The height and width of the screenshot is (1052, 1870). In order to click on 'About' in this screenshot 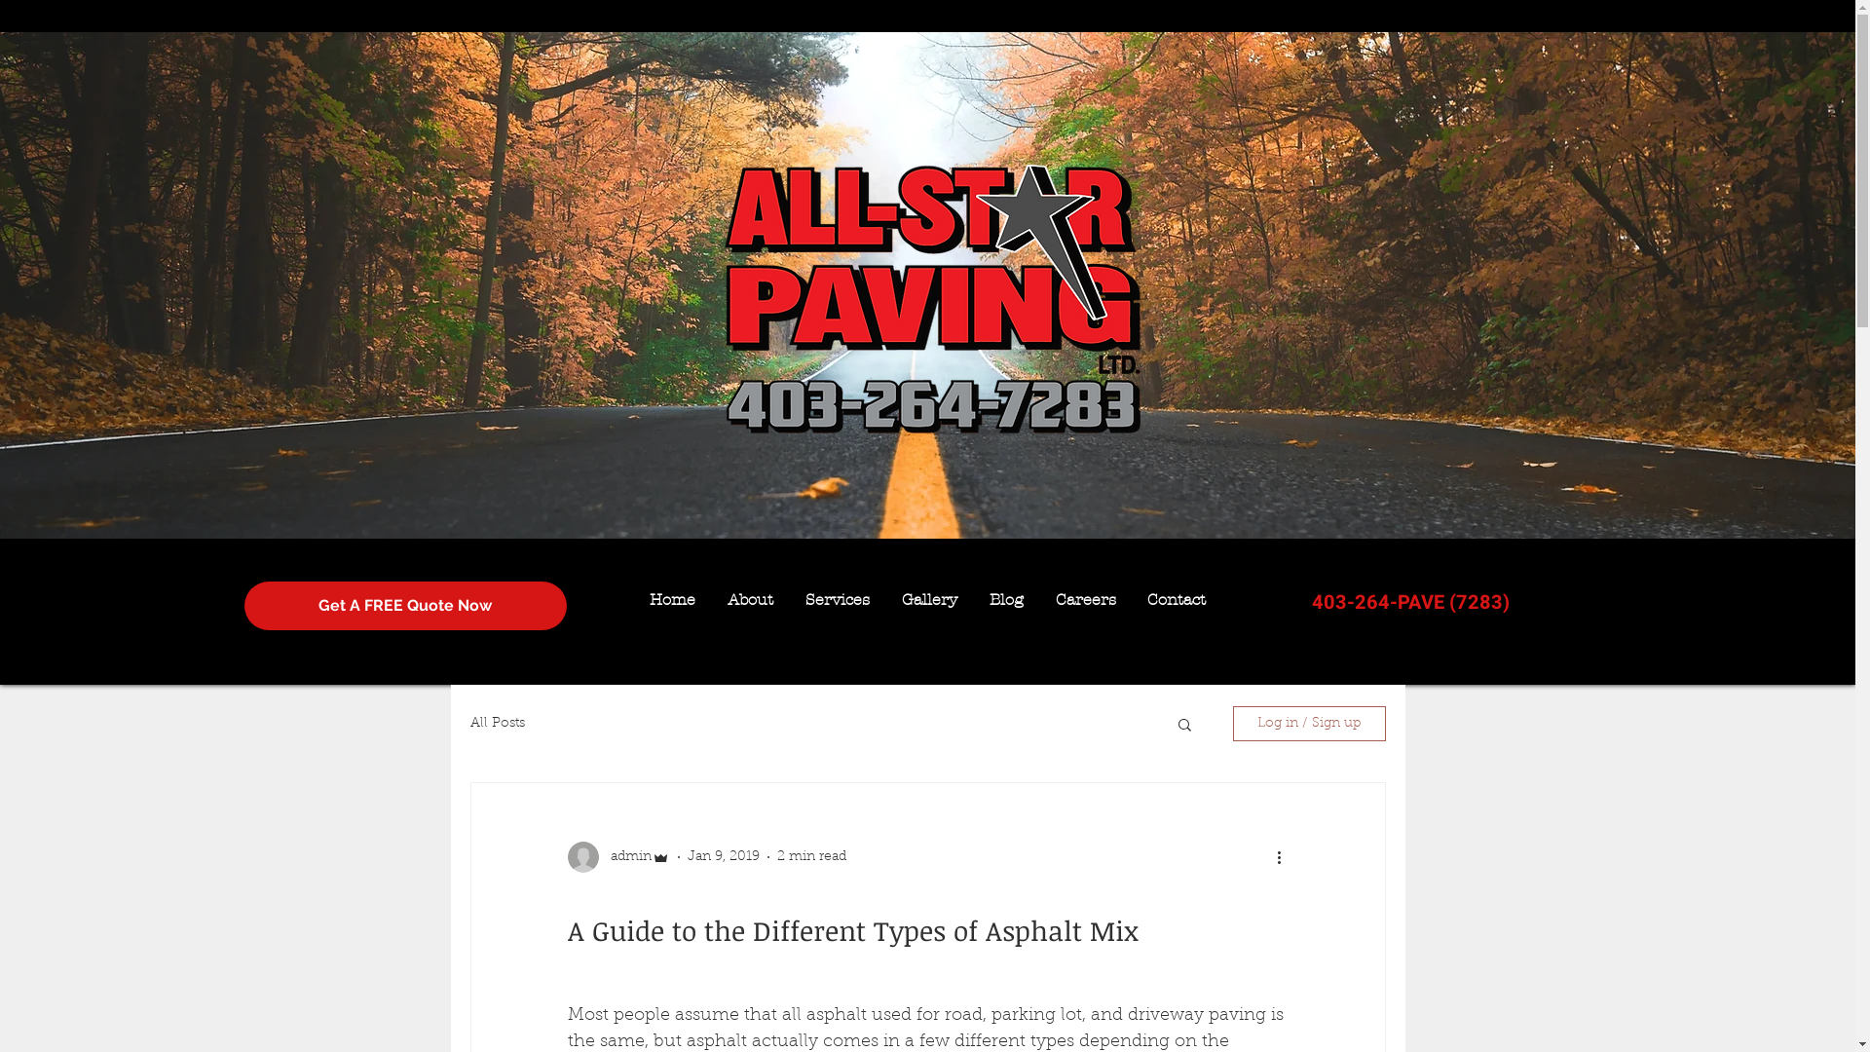, I will do `click(748, 598)`.